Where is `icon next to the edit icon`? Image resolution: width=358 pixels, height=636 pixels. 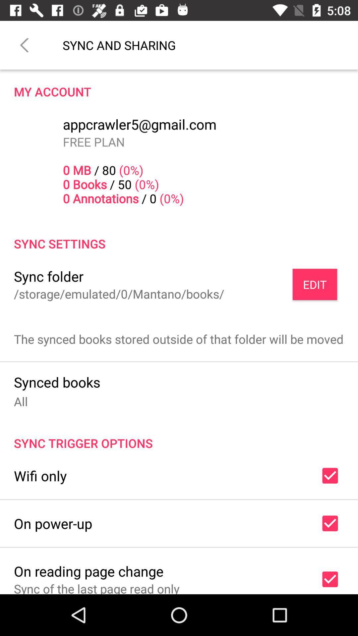
icon next to the edit icon is located at coordinates (48, 276).